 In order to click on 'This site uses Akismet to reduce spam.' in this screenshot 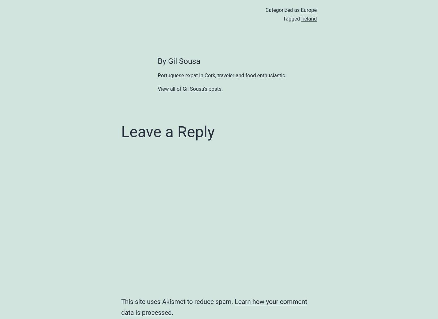, I will do `click(178, 301)`.